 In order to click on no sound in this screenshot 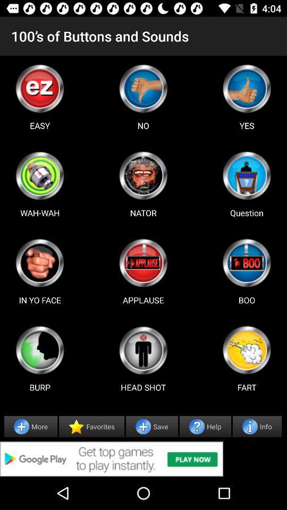, I will do `click(143, 88)`.